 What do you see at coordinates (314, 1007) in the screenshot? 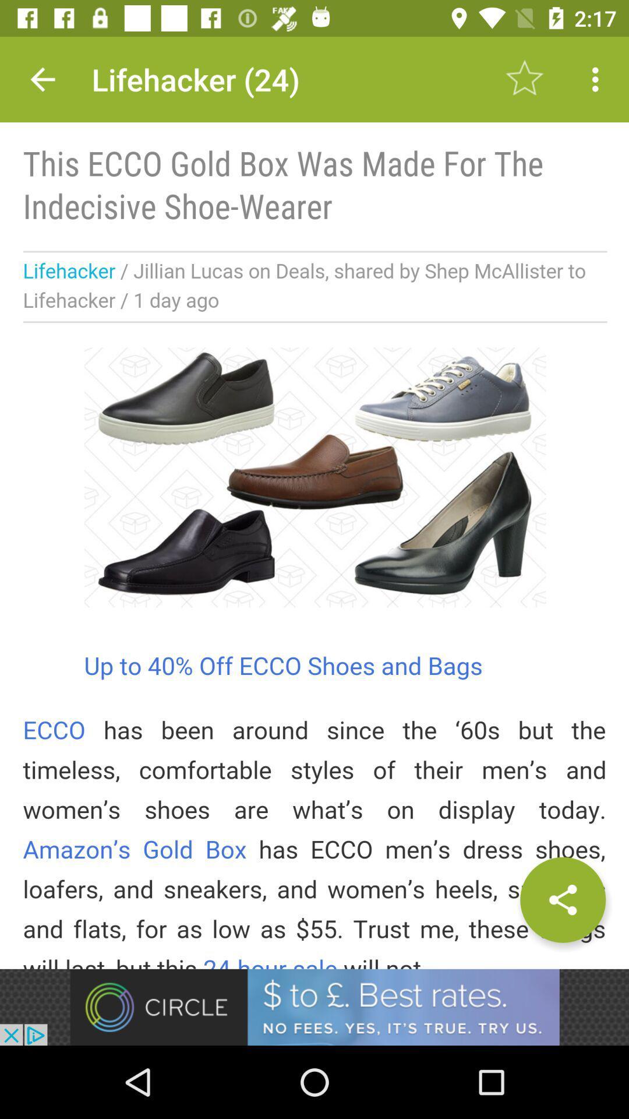
I see `advertisement` at bounding box center [314, 1007].